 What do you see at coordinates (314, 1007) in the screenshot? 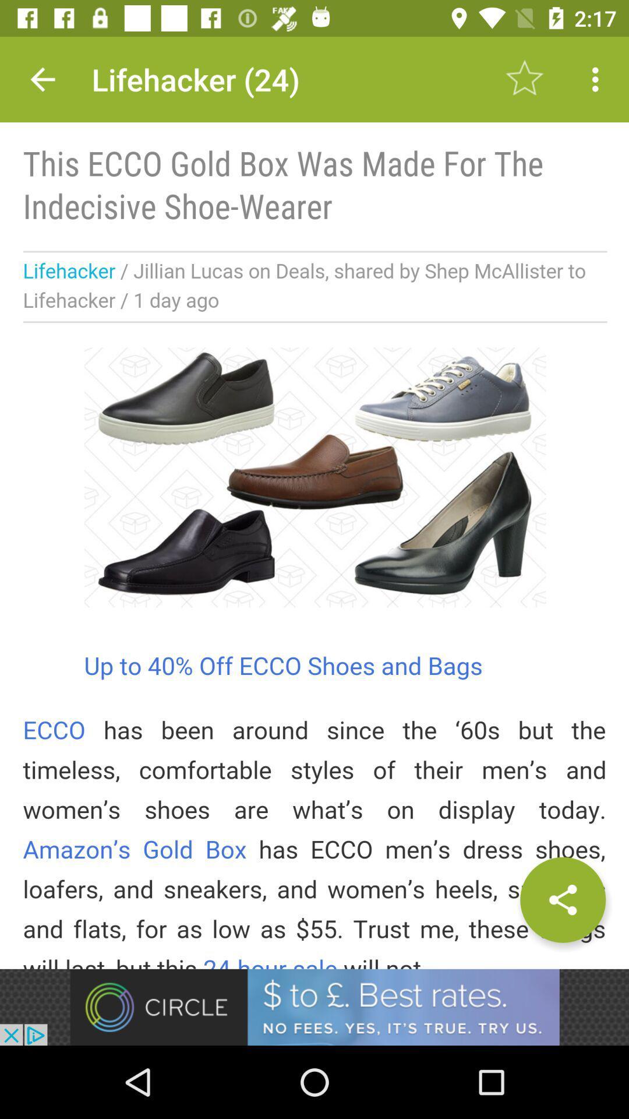
I see `advertisement` at bounding box center [314, 1007].